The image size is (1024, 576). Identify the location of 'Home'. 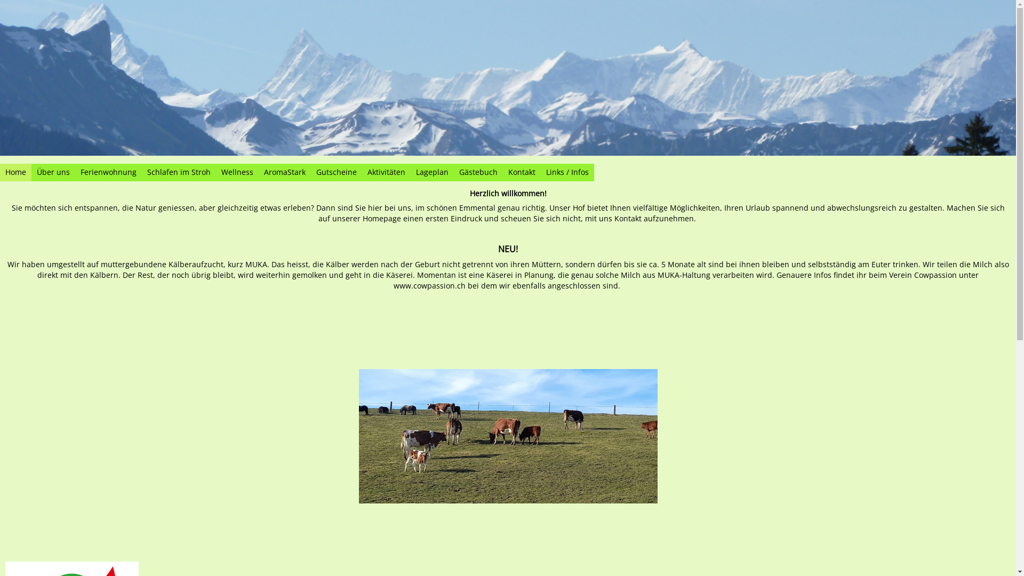
(15, 172).